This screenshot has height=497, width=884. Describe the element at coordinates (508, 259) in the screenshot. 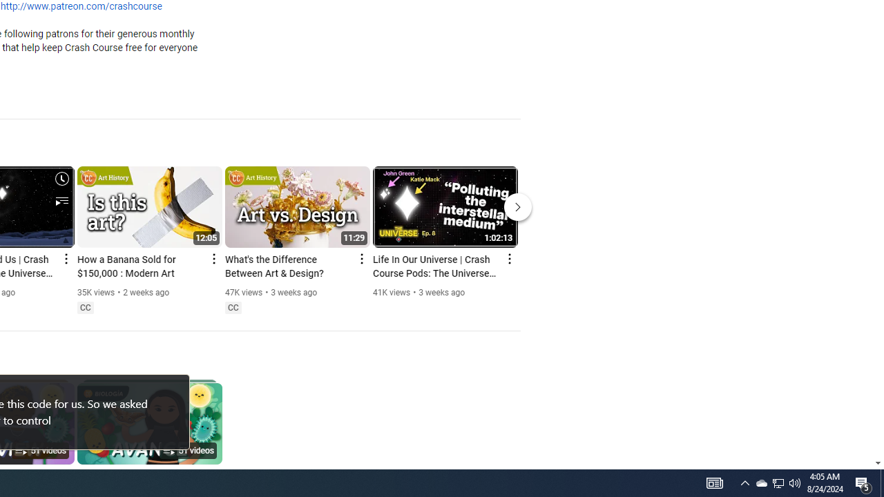

I see `'Action menu'` at that location.